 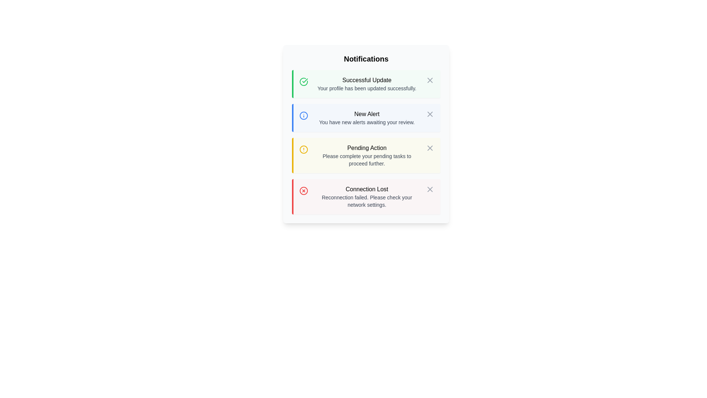 What do you see at coordinates (430, 114) in the screenshot?
I see `the 'X' button in the top-right corner of the 'New Alert' notification panel` at bounding box center [430, 114].